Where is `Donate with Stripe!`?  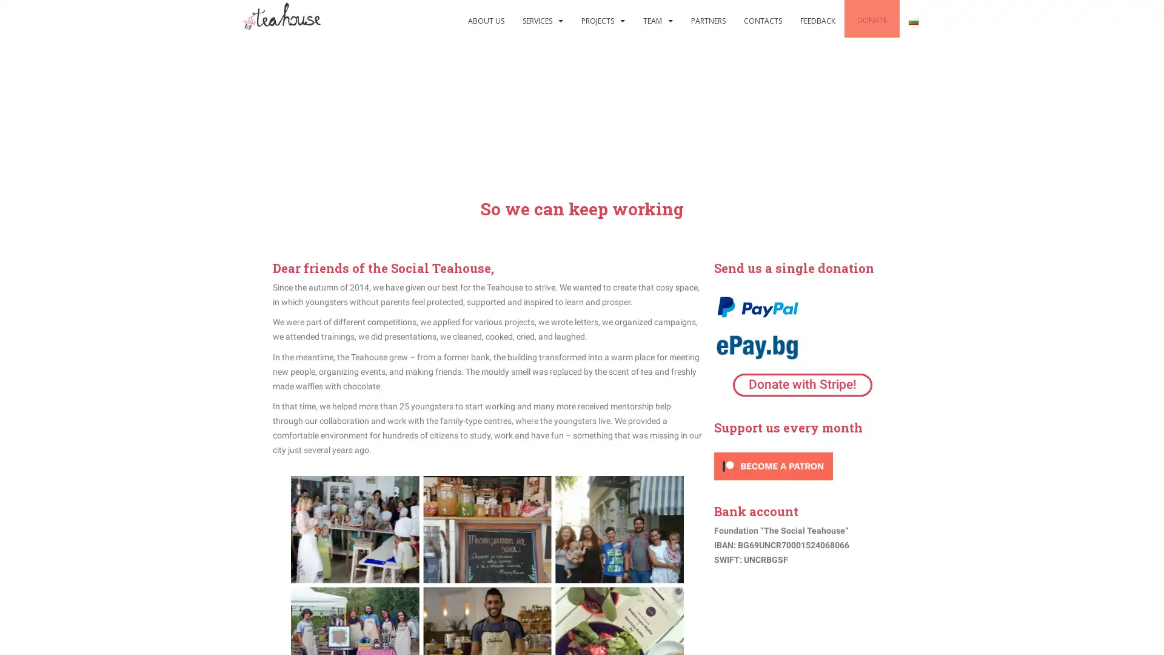
Donate with Stripe! is located at coordinates (802, 385).